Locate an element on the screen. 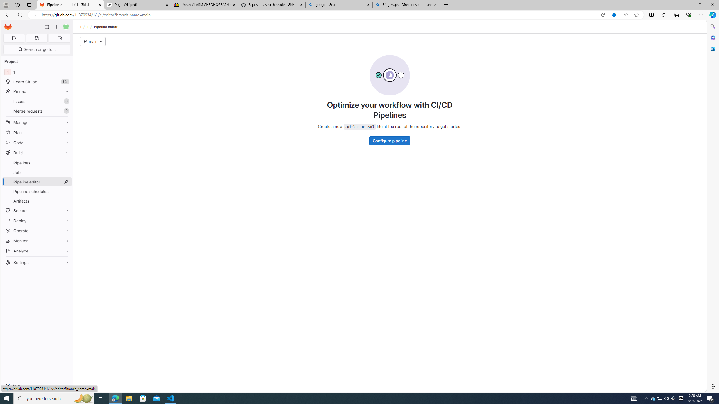 The width and height of the screenshot is (719, 404). 'BuildPipelinesJobsPipeline editorPipeline schedulesArtifacts' is located at coordinates (37, 176).